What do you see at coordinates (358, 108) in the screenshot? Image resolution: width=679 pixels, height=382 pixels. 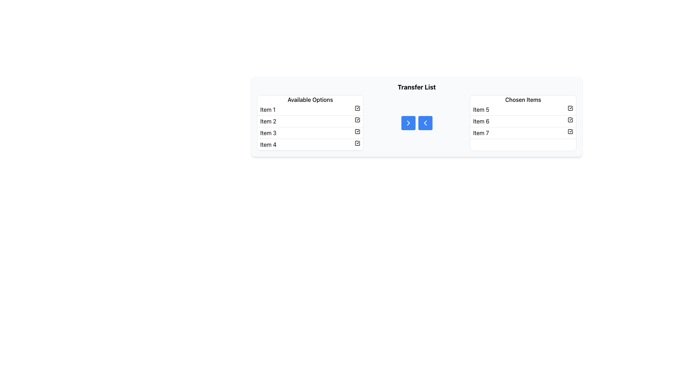 I see `the checkbox that represents the selected state of 'Item 1' in the 'Available Options' section` at bounding box center [358, 108].